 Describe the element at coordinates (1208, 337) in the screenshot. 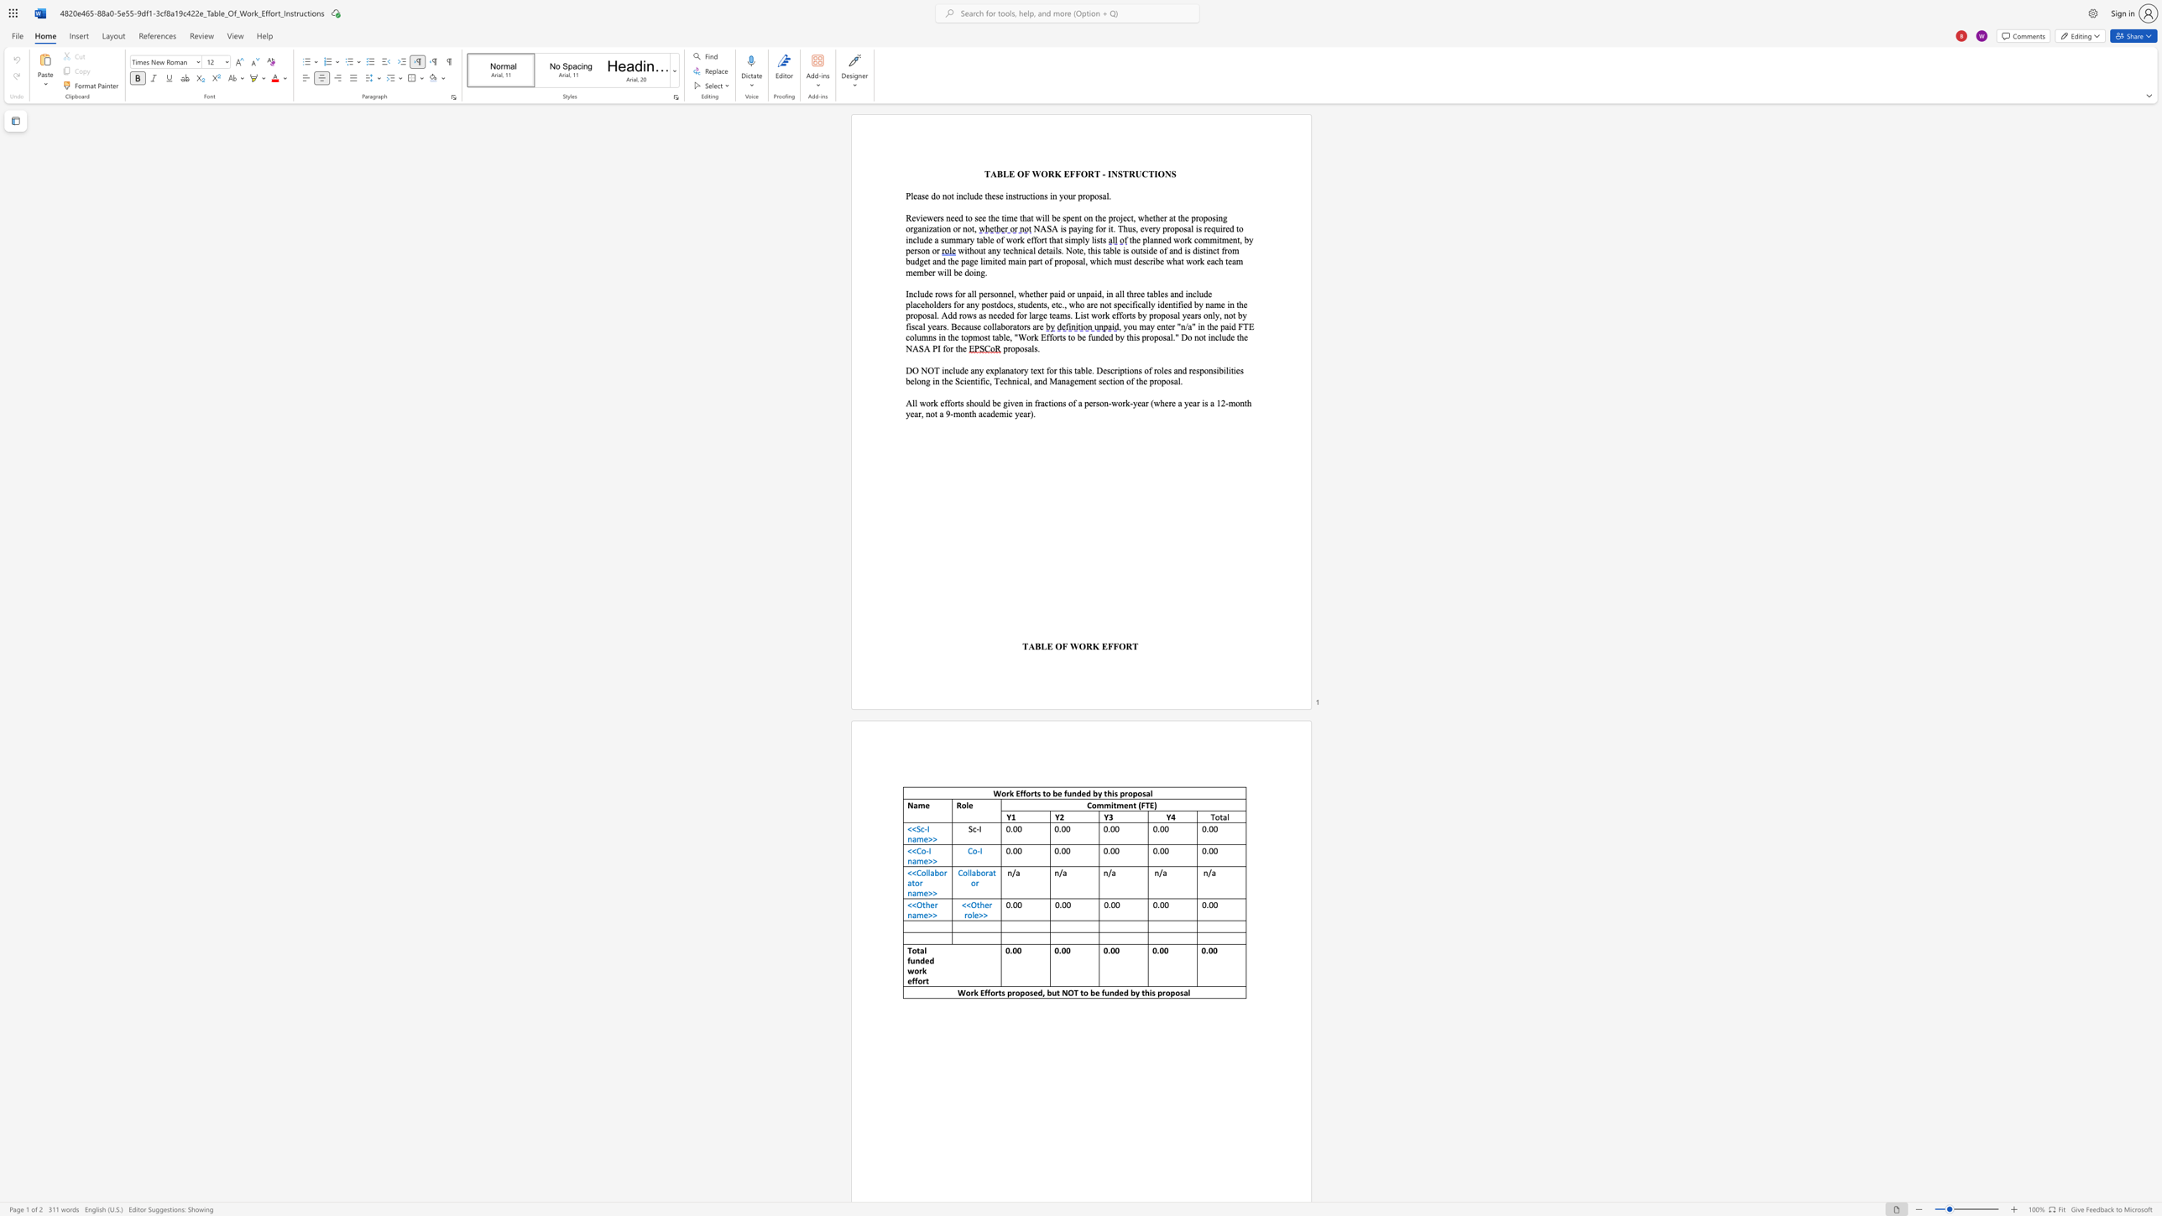

I see `the subset text "include the NASA PI for" within the text ", you may enter"` at that location.